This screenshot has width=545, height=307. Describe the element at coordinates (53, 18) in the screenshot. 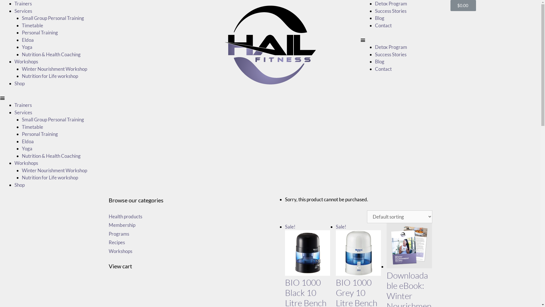

I see `'Small Group Personal Training'` at that location.